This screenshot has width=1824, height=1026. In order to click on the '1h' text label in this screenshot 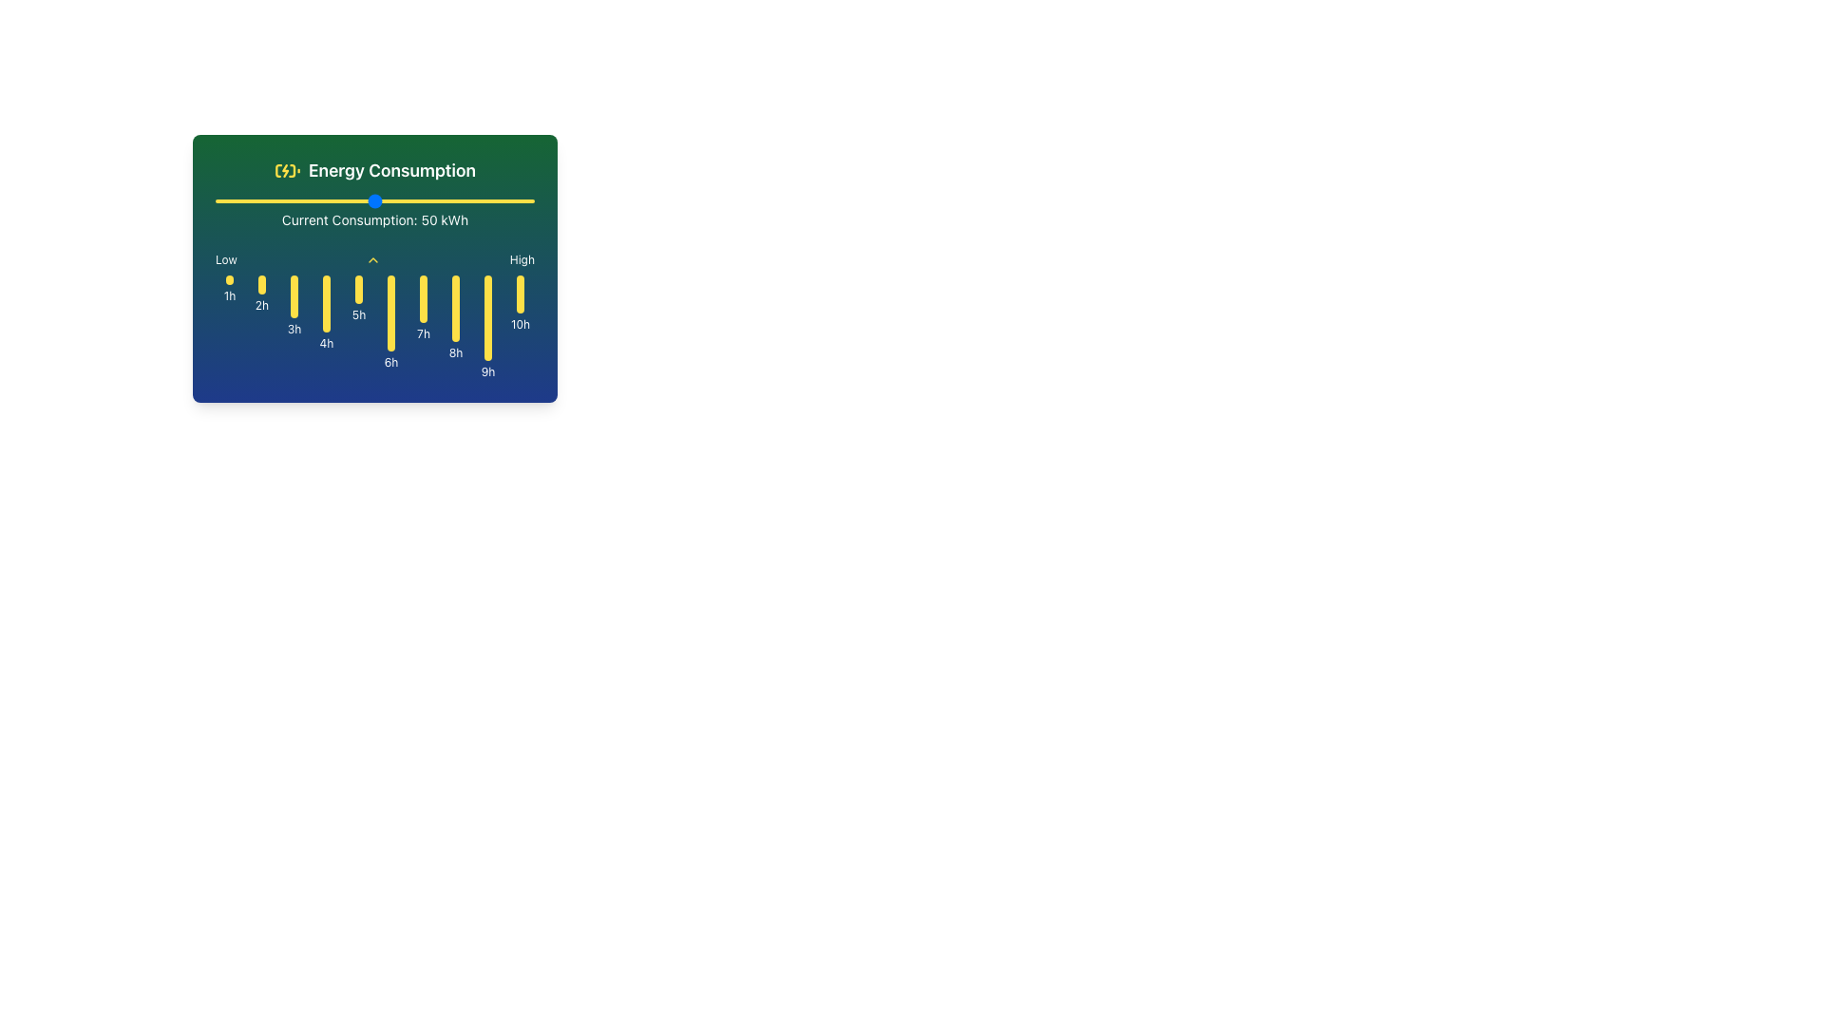, I will do `click(228, 296)`.